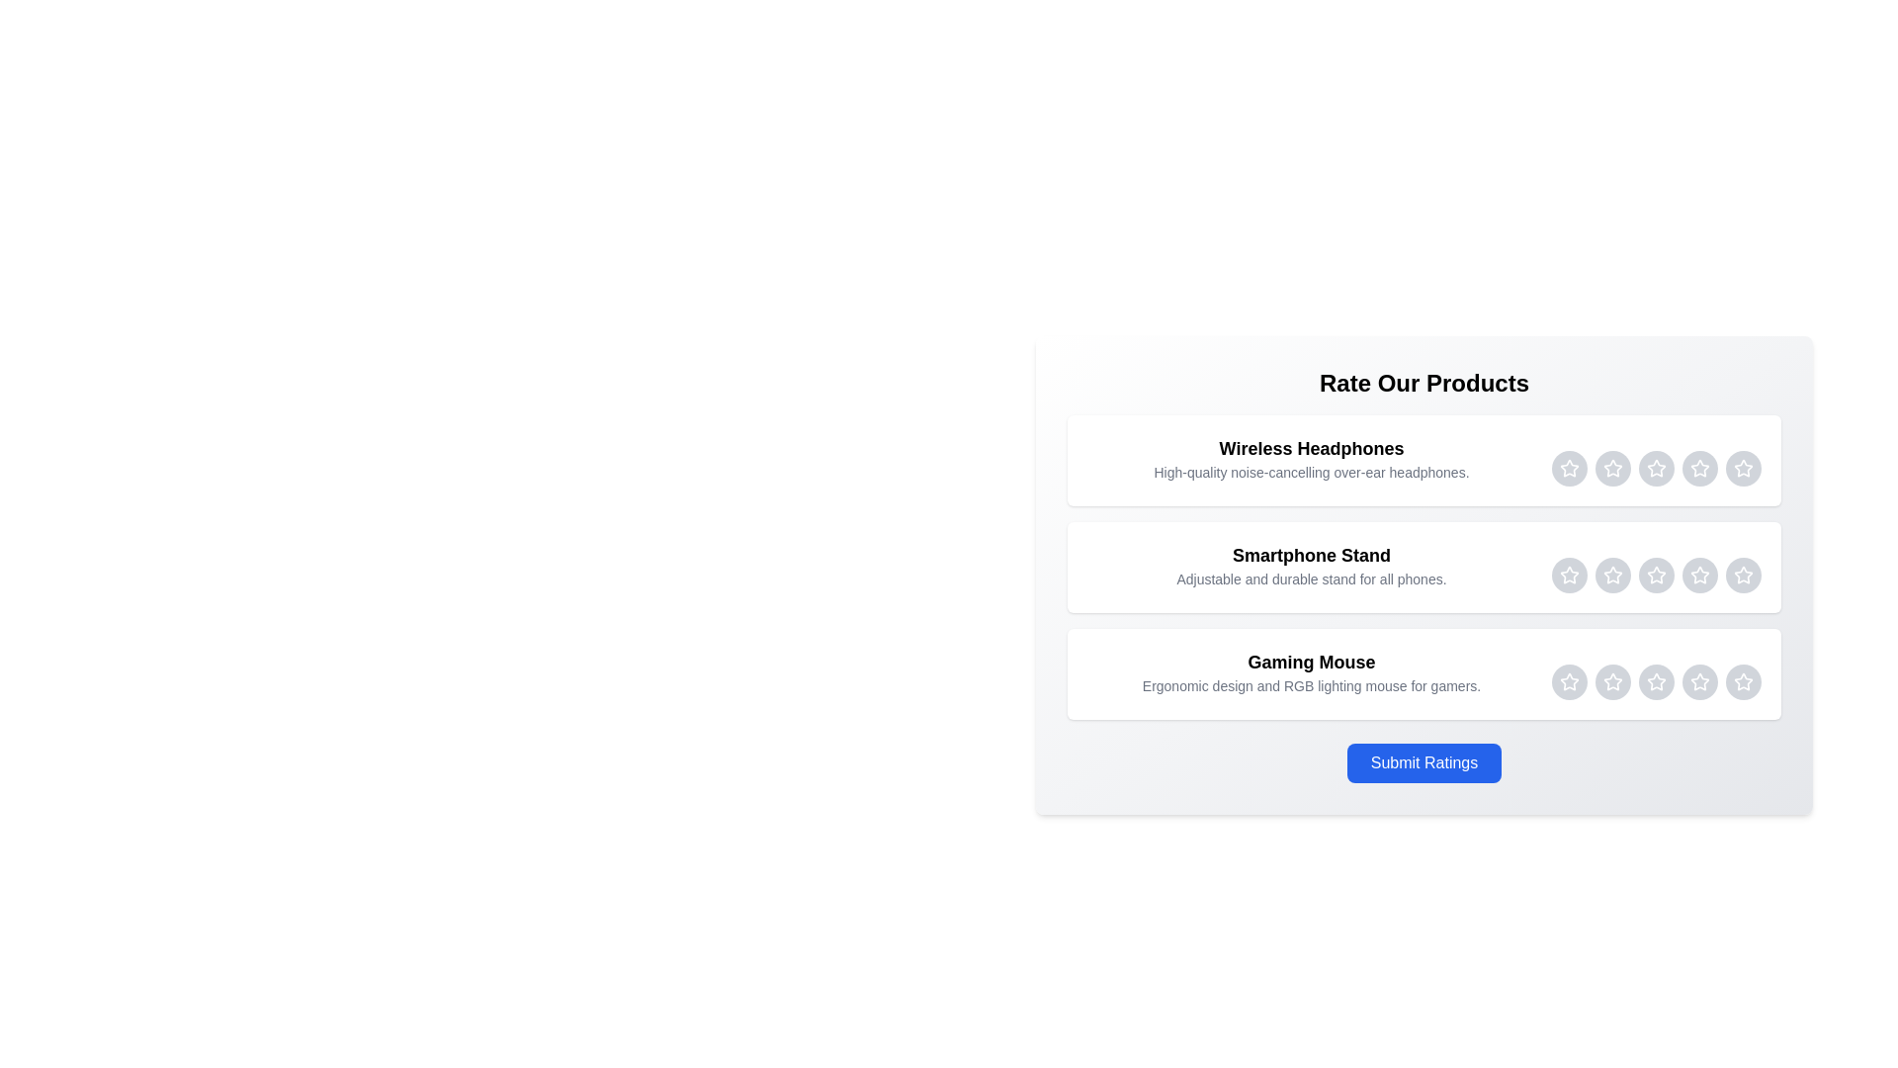 This screenshot has width=1898, height=1068. Describe the element at coordinates (1698, 469) in the screenshot. I see `the Wireless Headphones rating star 4` at that location.